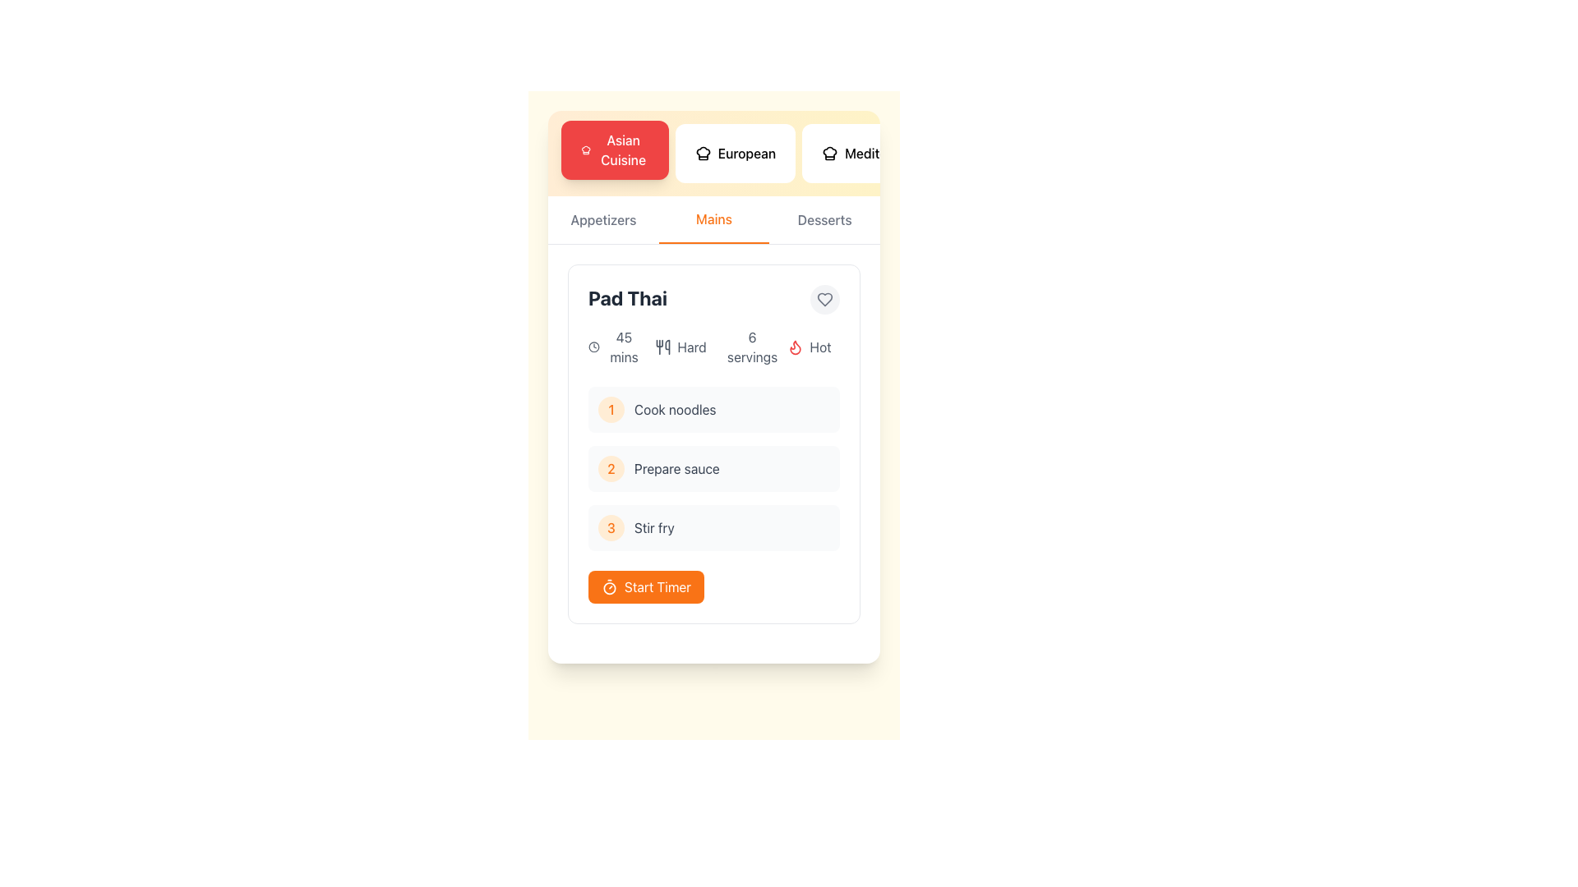 This screenshot has height=887, width=1578. I want to click on instruction step text from the List item or step indicator that contains the text 'Prepare sauce' with an orange circular icon showing the number '2', so click(713, 468).